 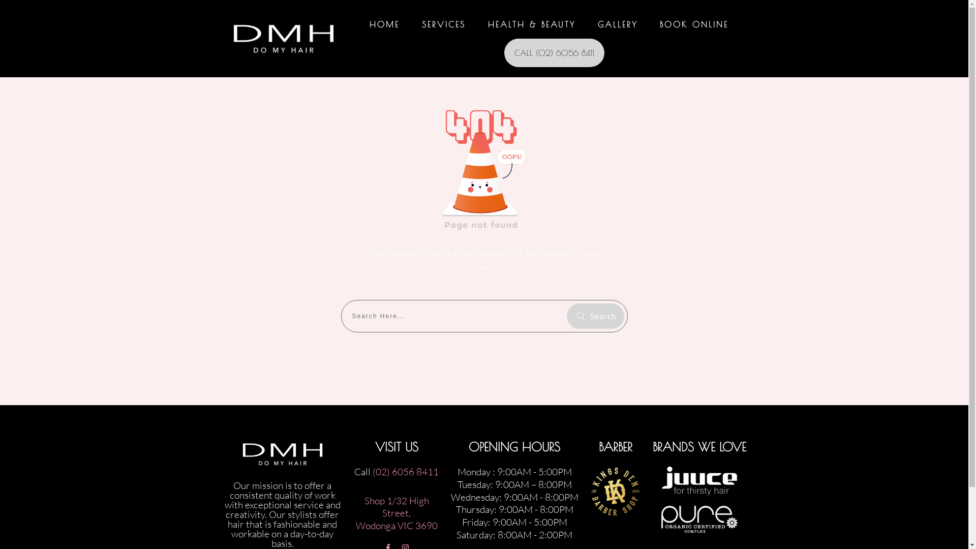 What do you see at coordinates (554, 53) in the screenshot?
I see `'CALL (02) 6056 8411'` at bounding box center [554, 53].